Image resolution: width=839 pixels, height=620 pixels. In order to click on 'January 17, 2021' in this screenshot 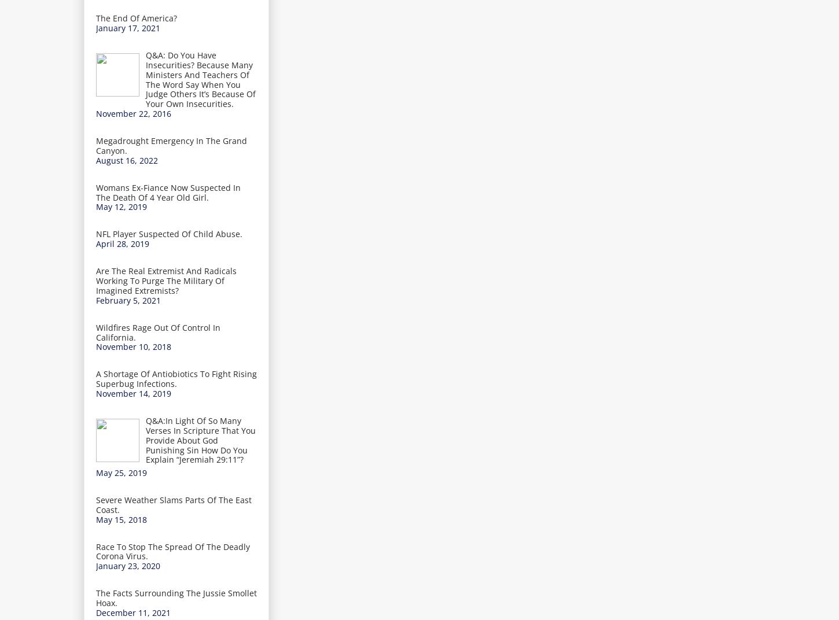, I will do `click(127, 27)`.